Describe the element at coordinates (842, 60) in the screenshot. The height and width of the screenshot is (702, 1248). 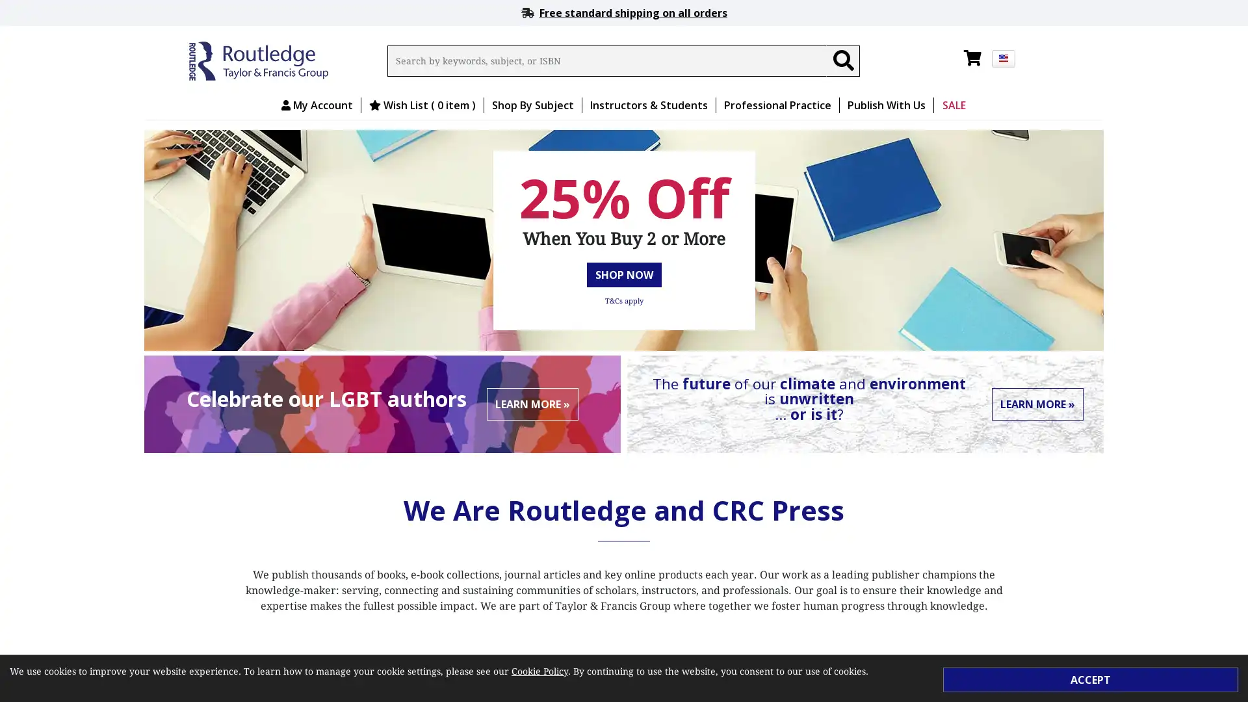
I see `Search` at that location.